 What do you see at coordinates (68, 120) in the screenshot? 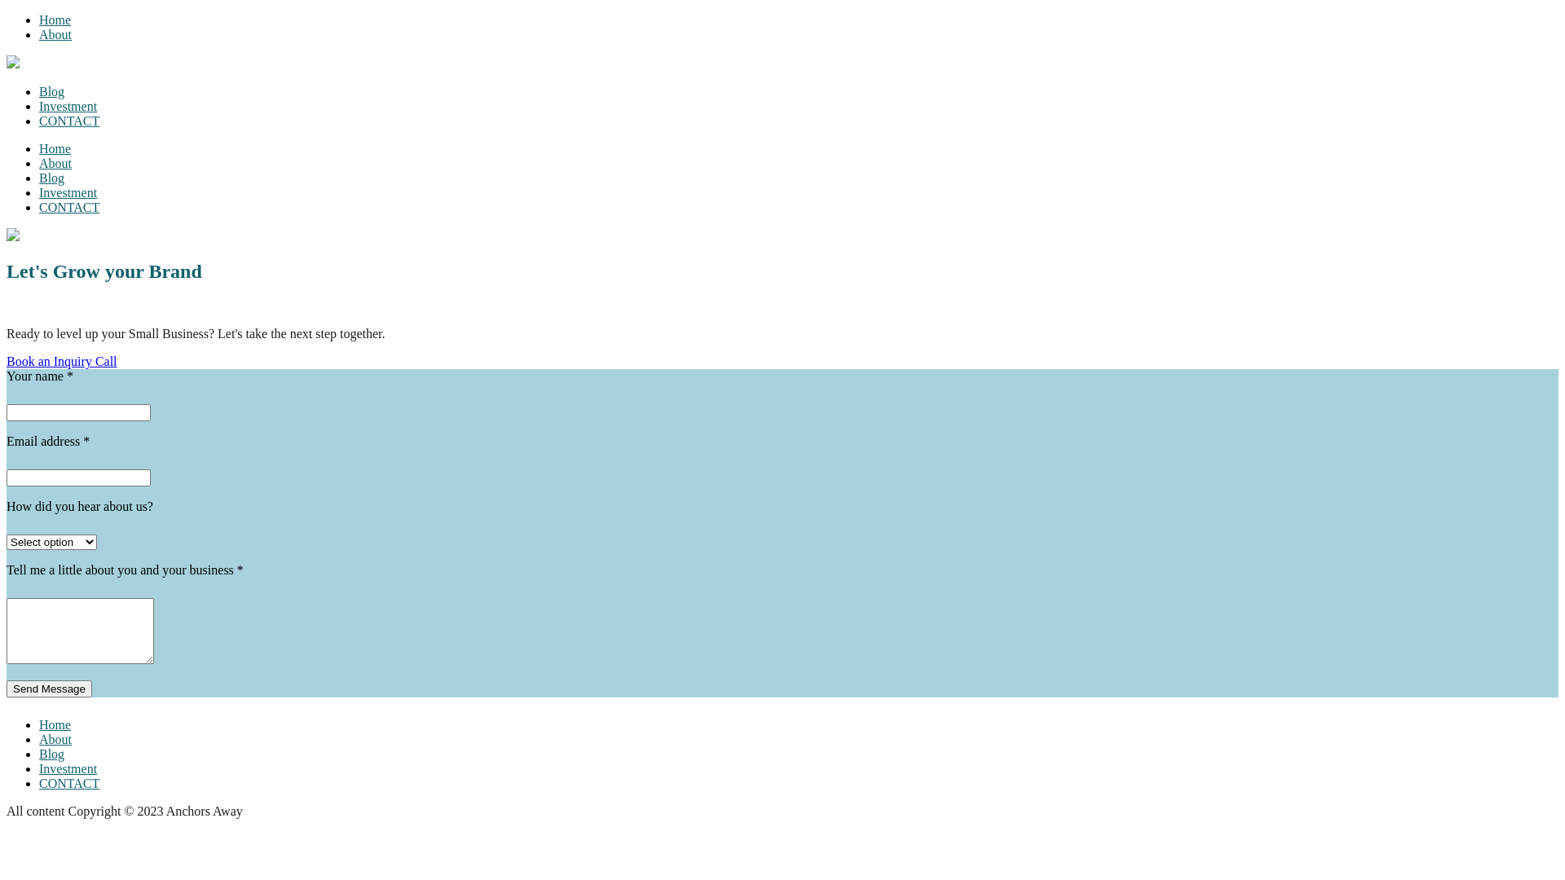
I see `'CONTACT'` at bounding box center [68, 120].